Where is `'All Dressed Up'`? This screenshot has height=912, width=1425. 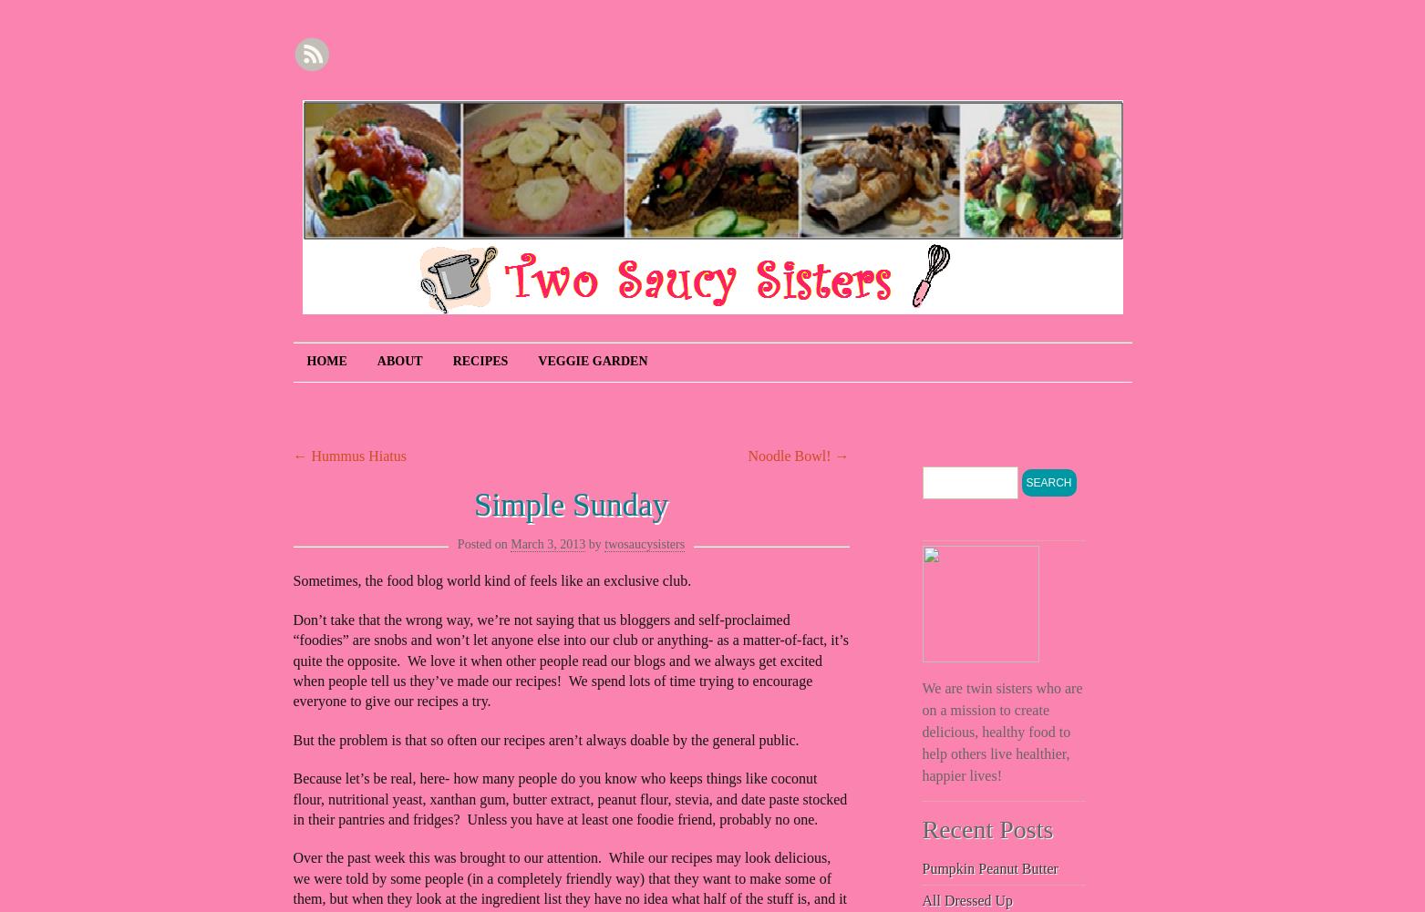
'All Dressed Up' is located at coordinates (966, 899).